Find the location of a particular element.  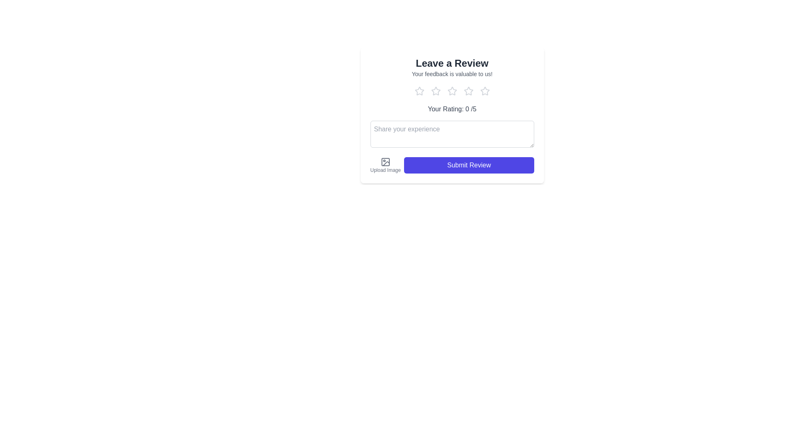

the product rating to 4 by clicking on the corresponding star is located at coordinates (468, 91).